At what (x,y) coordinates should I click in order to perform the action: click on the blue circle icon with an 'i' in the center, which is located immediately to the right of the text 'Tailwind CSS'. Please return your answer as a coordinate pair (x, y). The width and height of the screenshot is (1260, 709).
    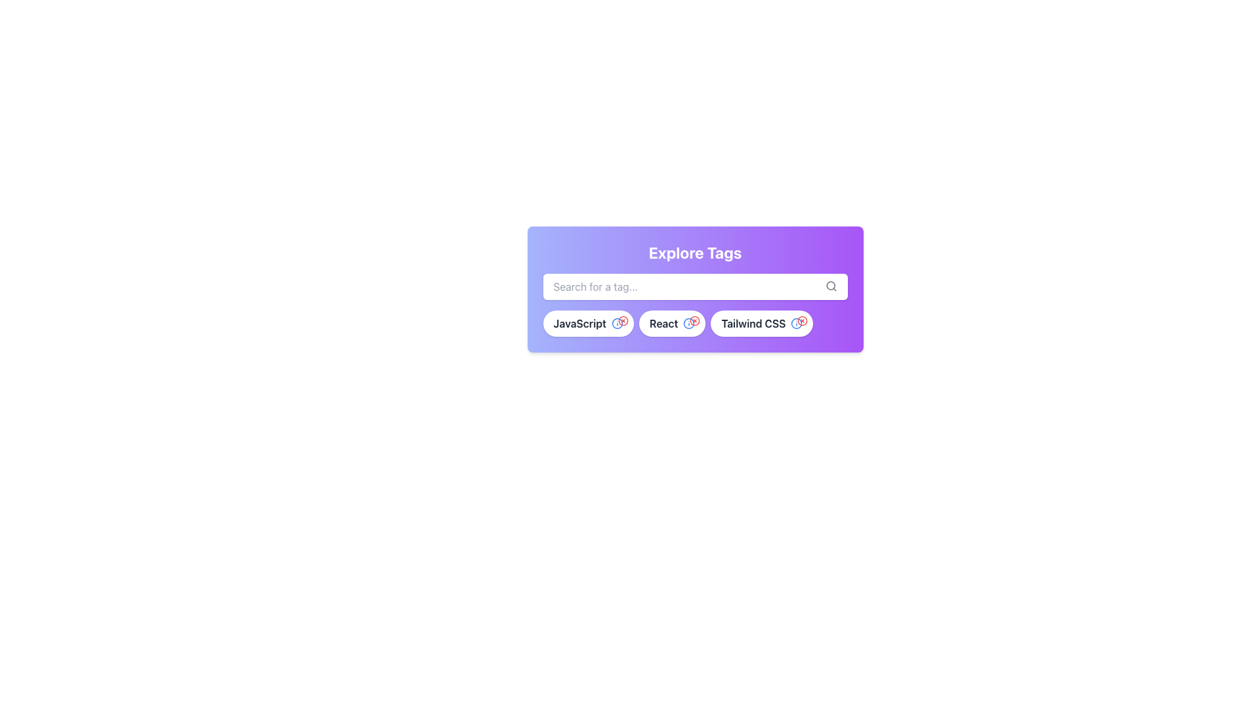
    Looking at the image, I should click on (796, 324).